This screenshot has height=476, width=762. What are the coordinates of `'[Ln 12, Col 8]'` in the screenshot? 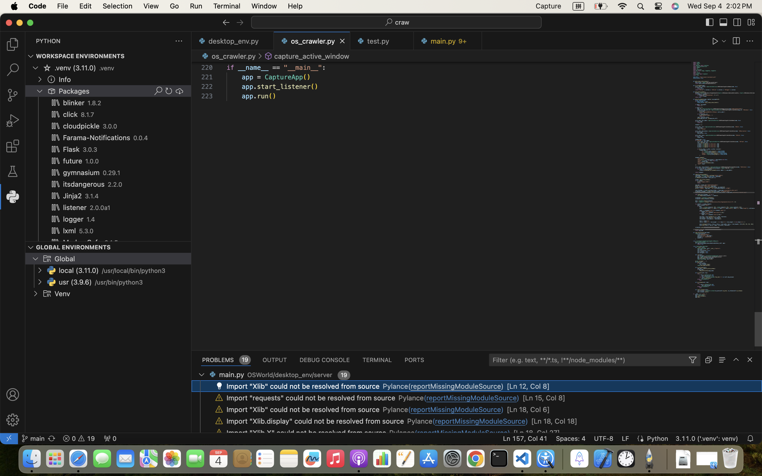 It's located at (528, 386).